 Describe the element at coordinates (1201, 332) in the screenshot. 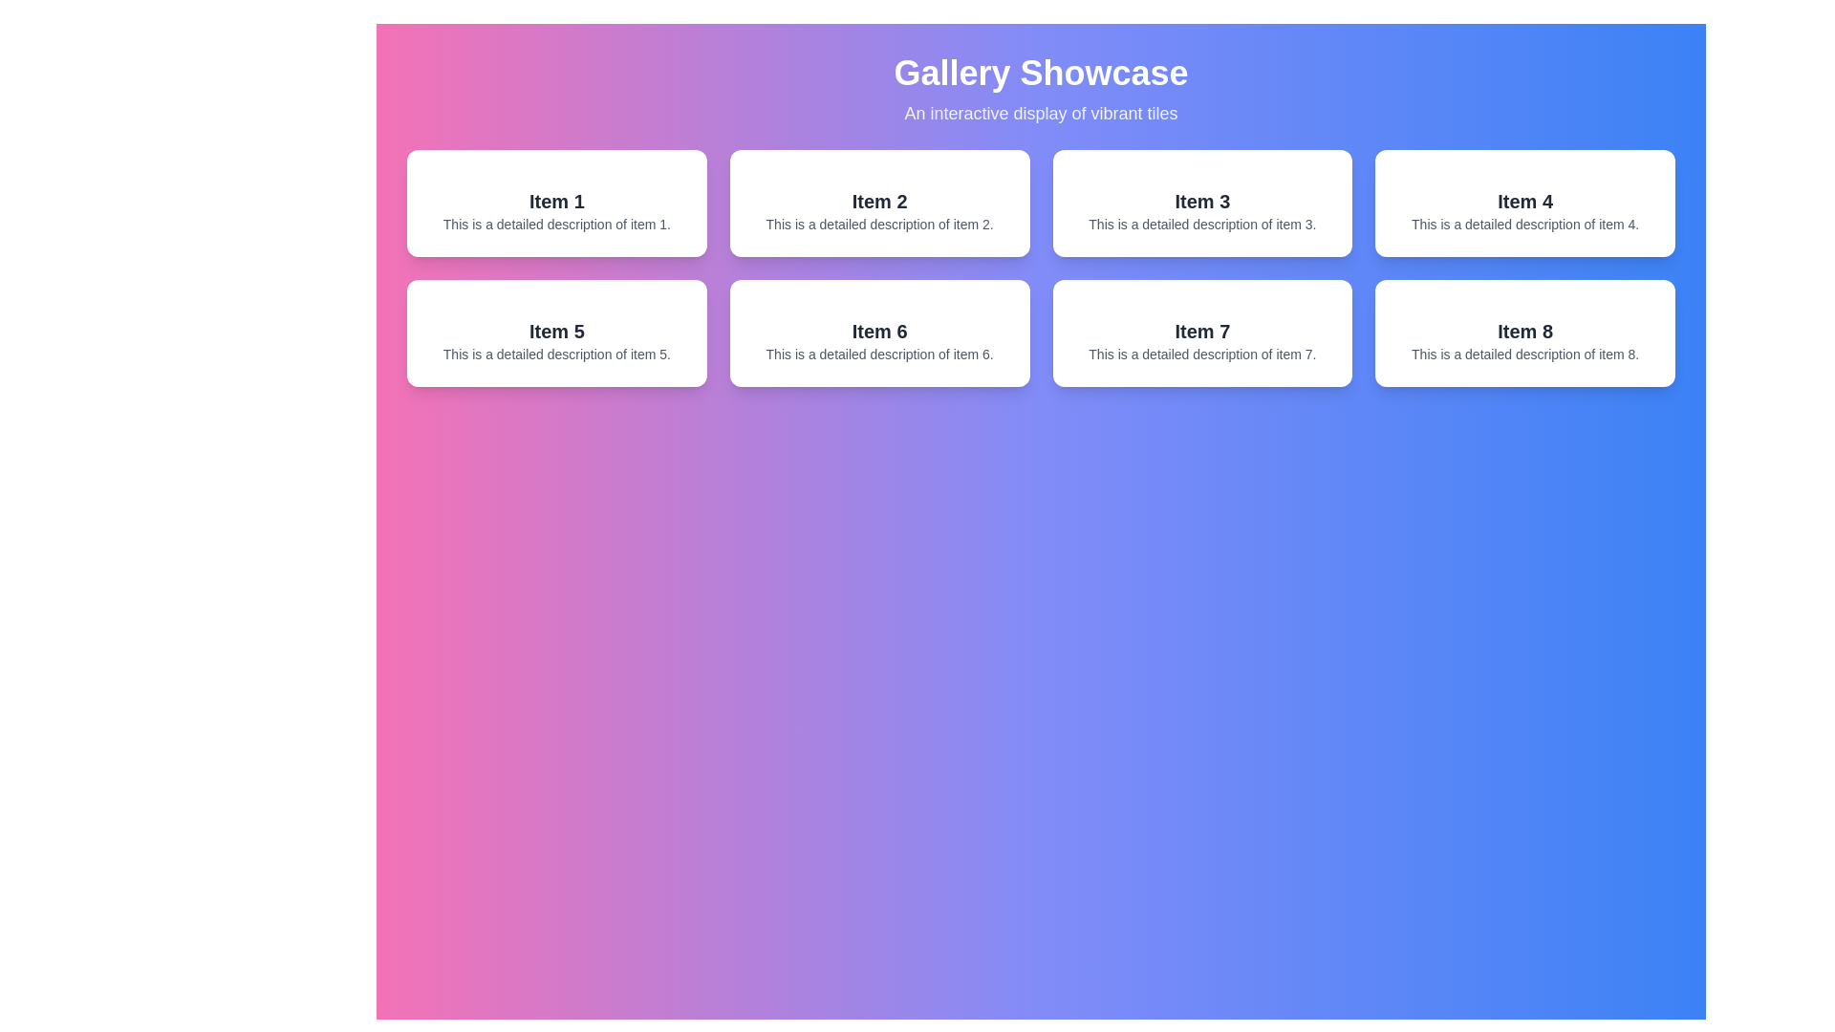

I see `the informational card located in the second row and third column of a grid layout, which displays a title and brief description` at that location.